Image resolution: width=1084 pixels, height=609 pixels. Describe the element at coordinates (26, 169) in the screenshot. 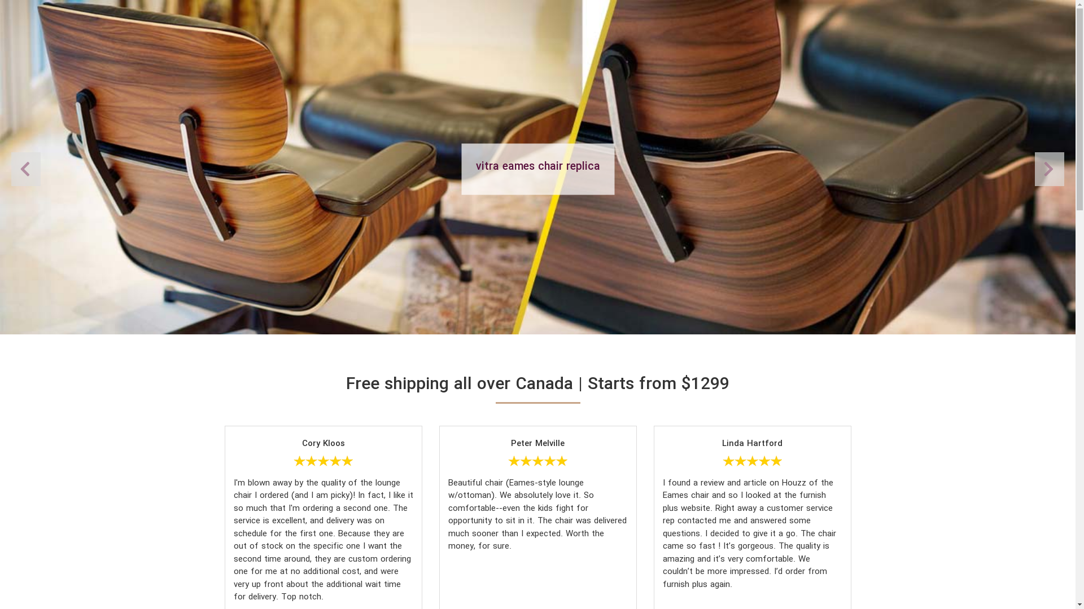

I see `'Next'` at that location.